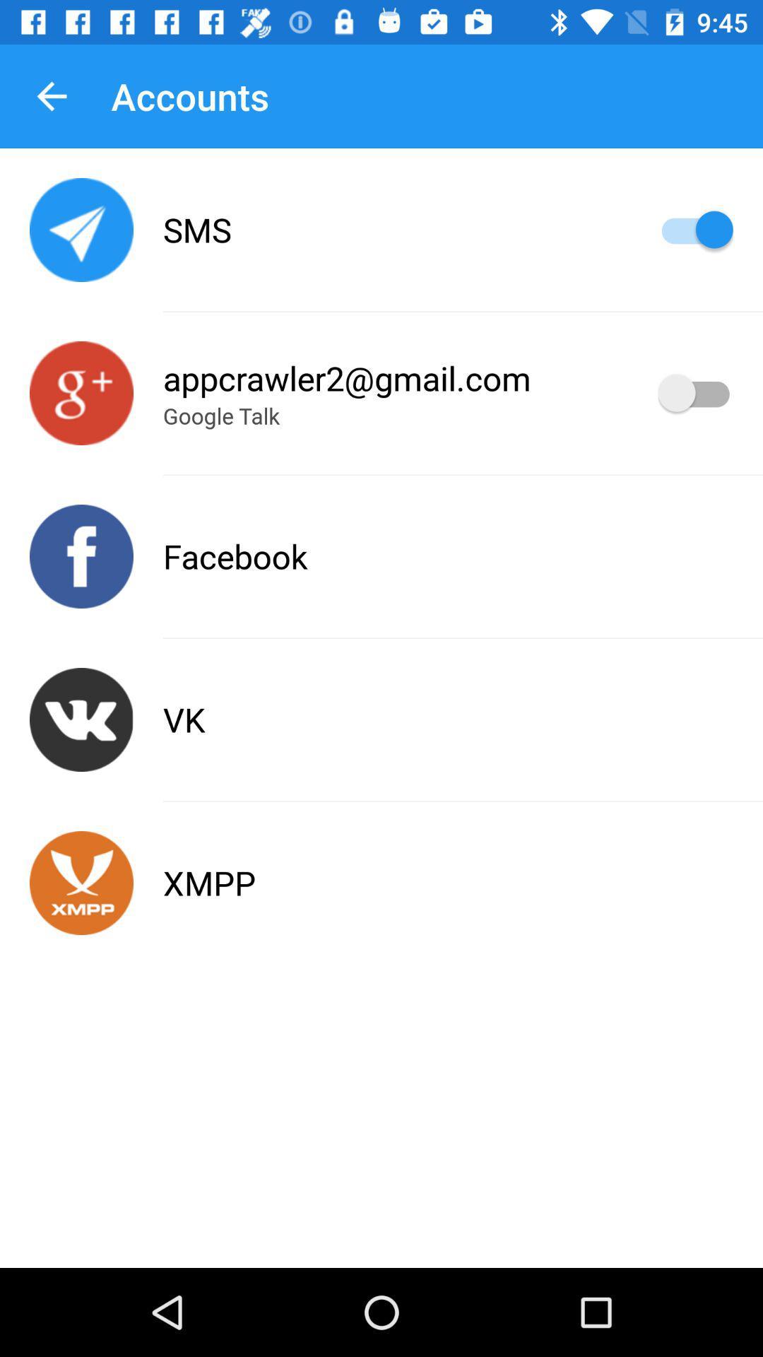 The height and width of the screenshot is (1357, 763). I want to click on account, so click(694, 393).